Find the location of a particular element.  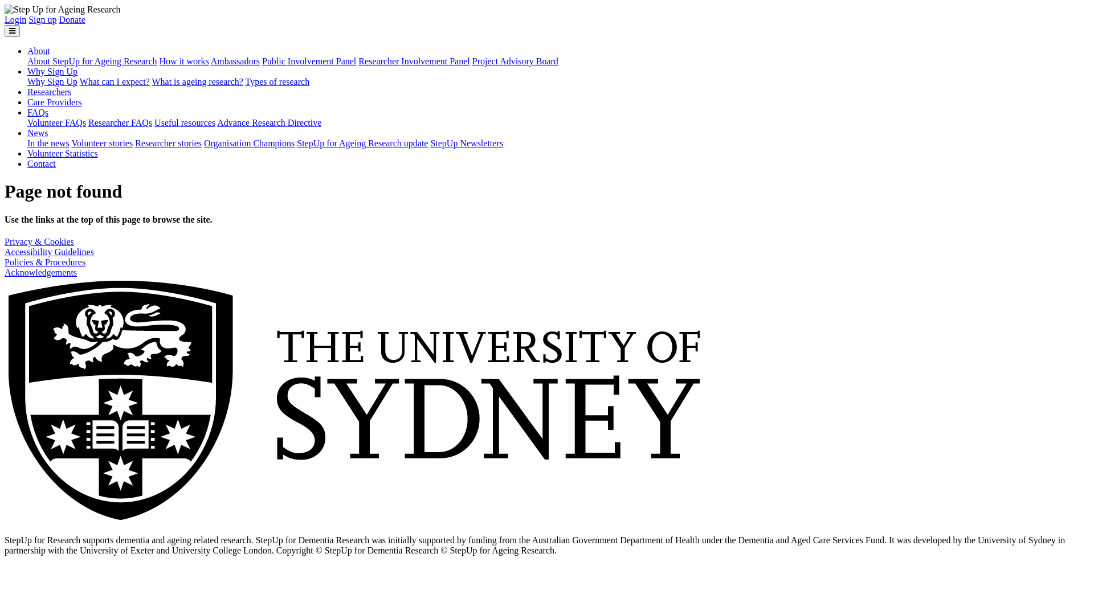

'FAQs' is located at coordinates (27, 112).